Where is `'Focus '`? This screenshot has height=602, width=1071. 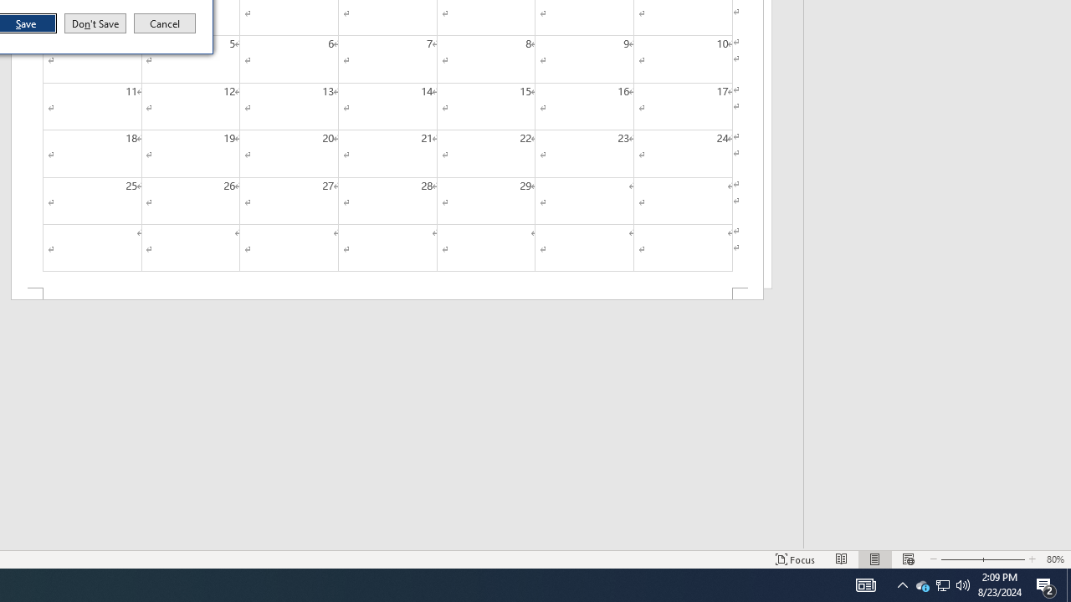 'Focus ' is located at coordinates (795, 559).